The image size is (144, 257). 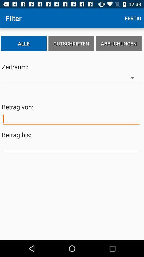 What do you see at coordinates (71, 43) in the screenshot?
I see `the gutschriften` at bounding box center [71, 43].